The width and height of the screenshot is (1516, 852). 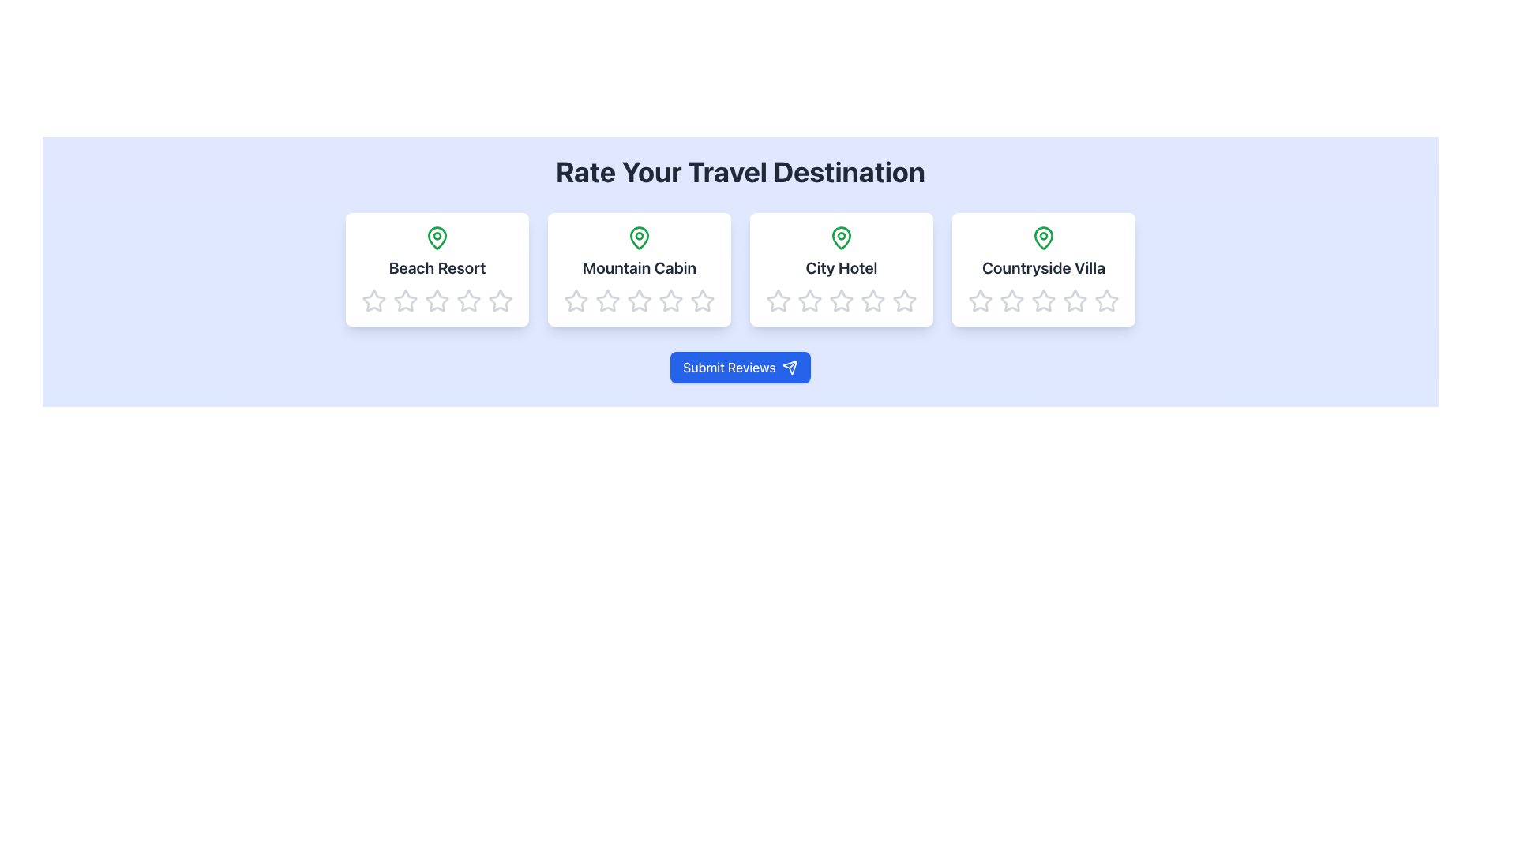 I want to click on the first interactive rating star icon for the 'Mountain Cabin' category, so click(x=575, y=301).